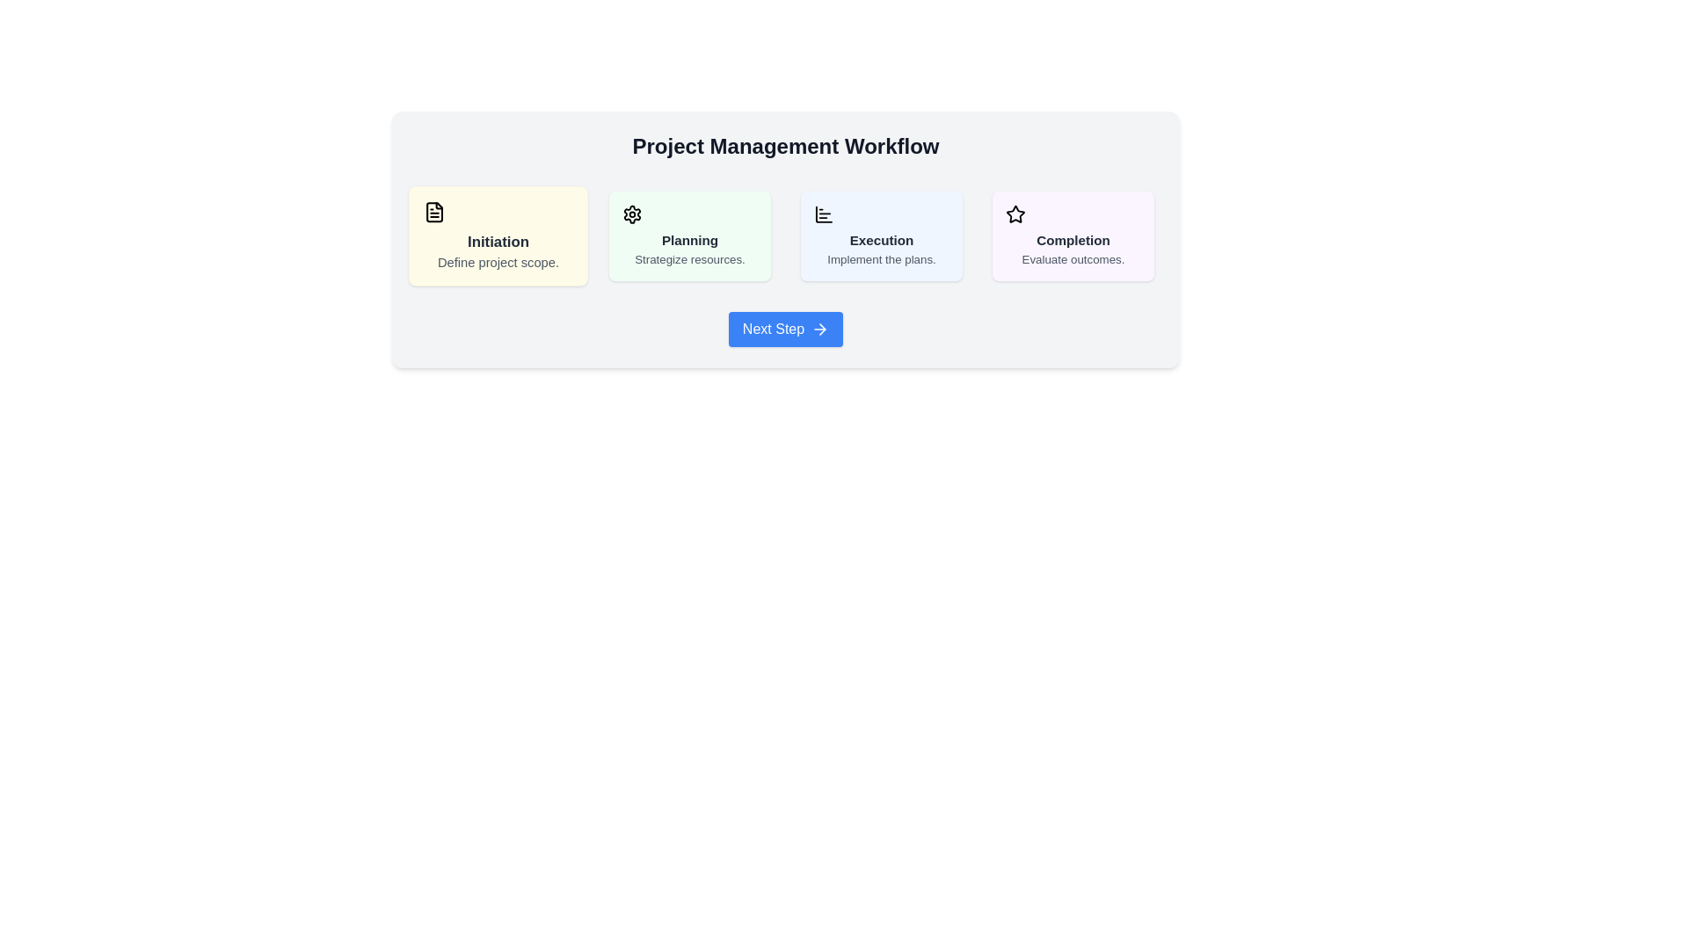 The image size is (1688, 949). What do you see at coordinates (1015, 213) in the screenshot?
I see `the SVG star icon located in the fourth card under the heading 'Project Management Workflow' in the 'Completion' card` at bounding box center [1015, 213].